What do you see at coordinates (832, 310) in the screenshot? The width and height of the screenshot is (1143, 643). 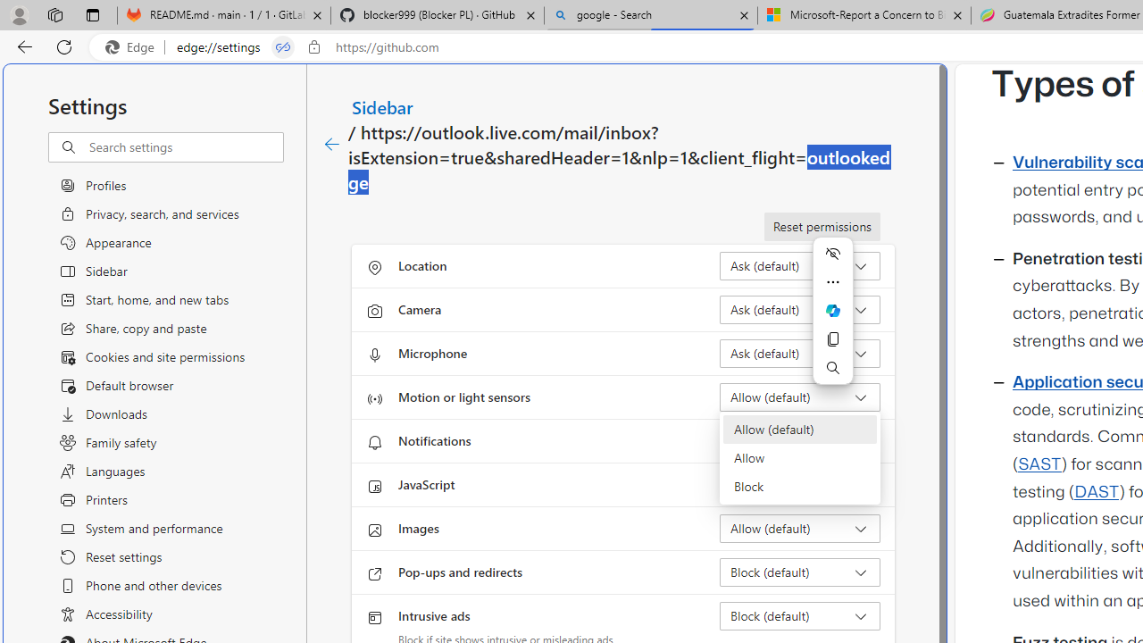 I see `'Ask Copilot'` at bounding box center [832, 310].